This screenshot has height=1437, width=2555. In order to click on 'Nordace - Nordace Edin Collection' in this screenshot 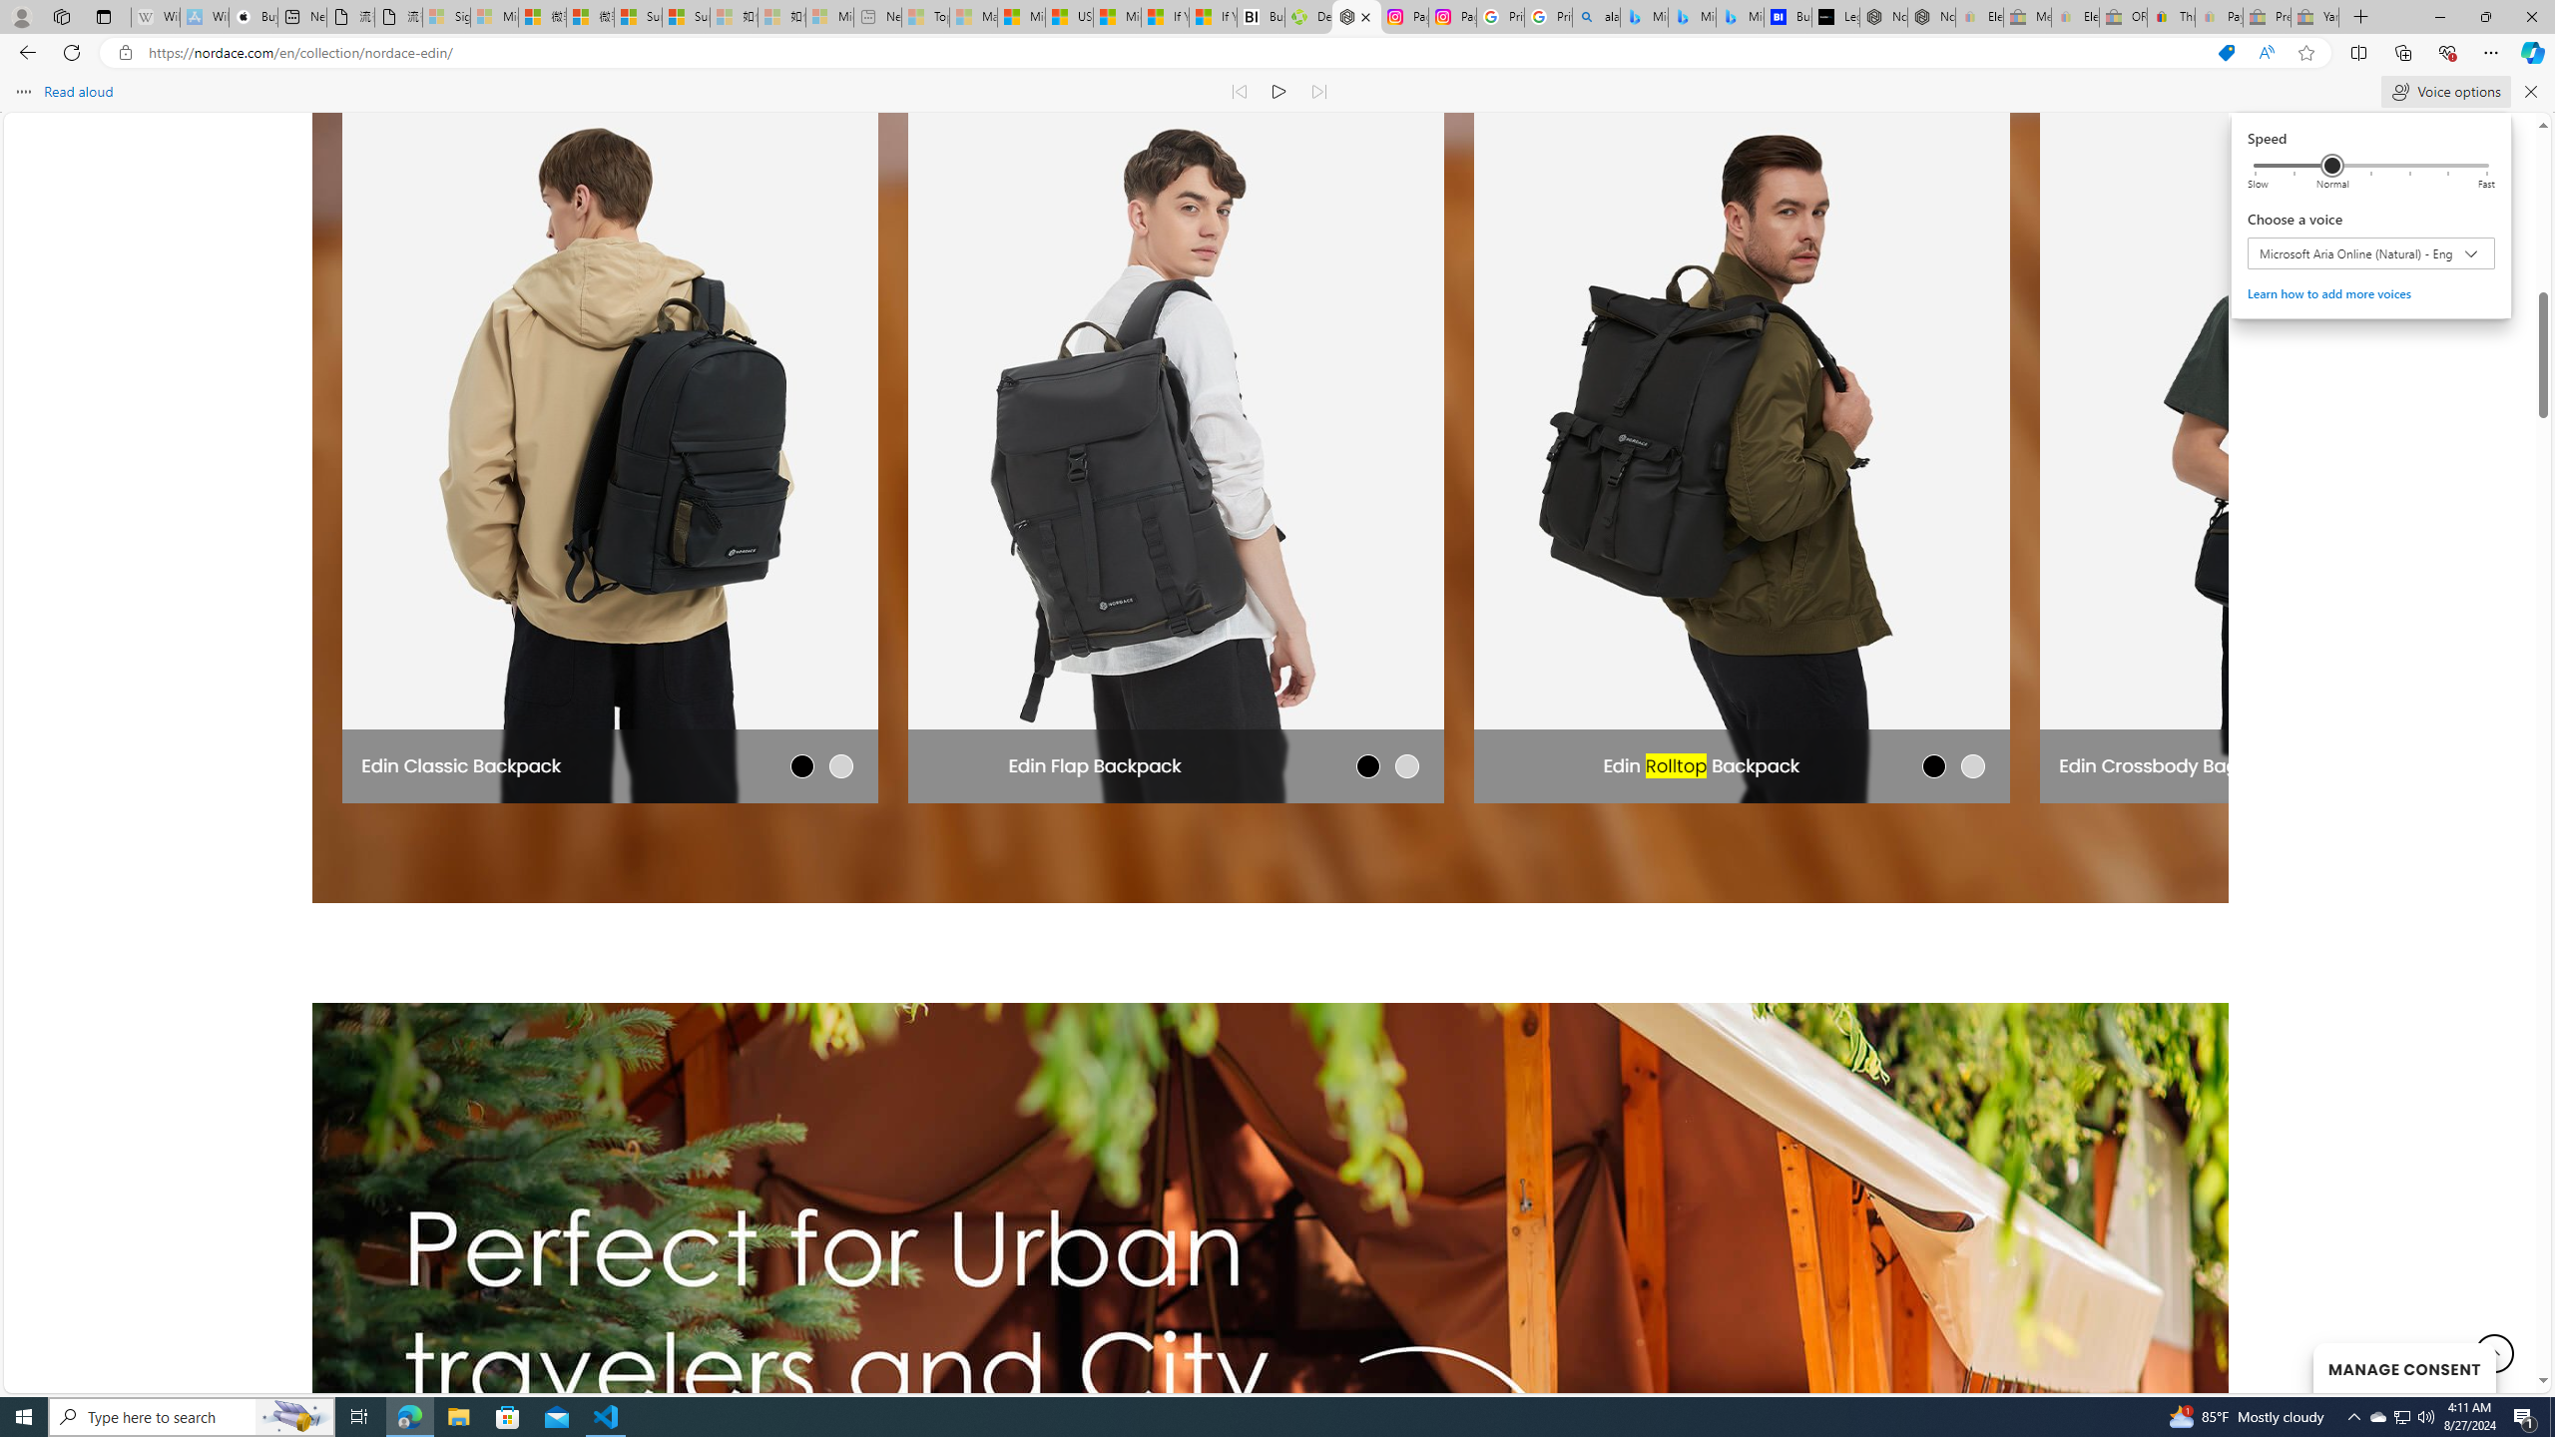, I will do `click(1355, 16)`.